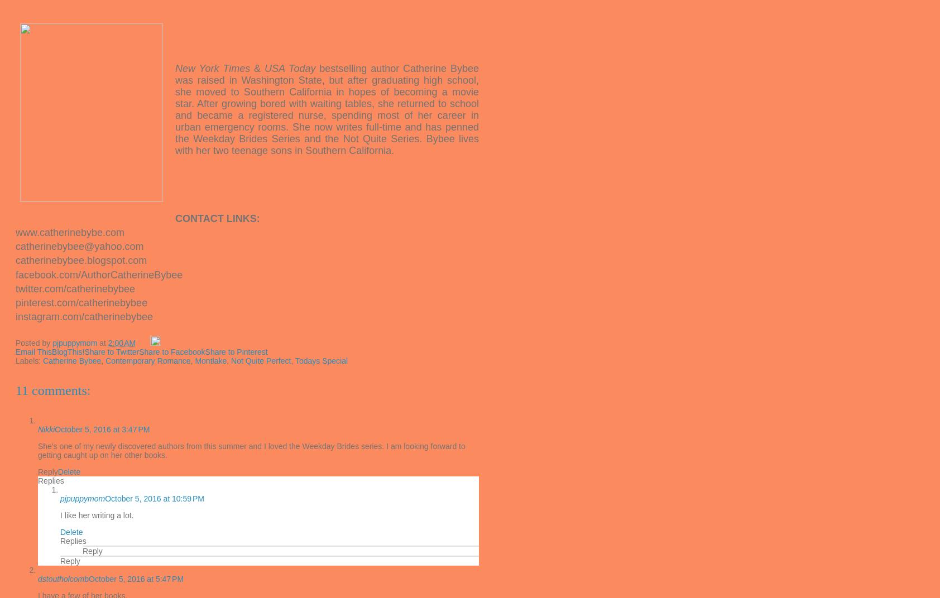 This screenshot has height=598, width=940. What do you see at coordinates (96, 515) in the screenshot?
I see `'I like her writing a lot.'` at bounding box center [96, 515].